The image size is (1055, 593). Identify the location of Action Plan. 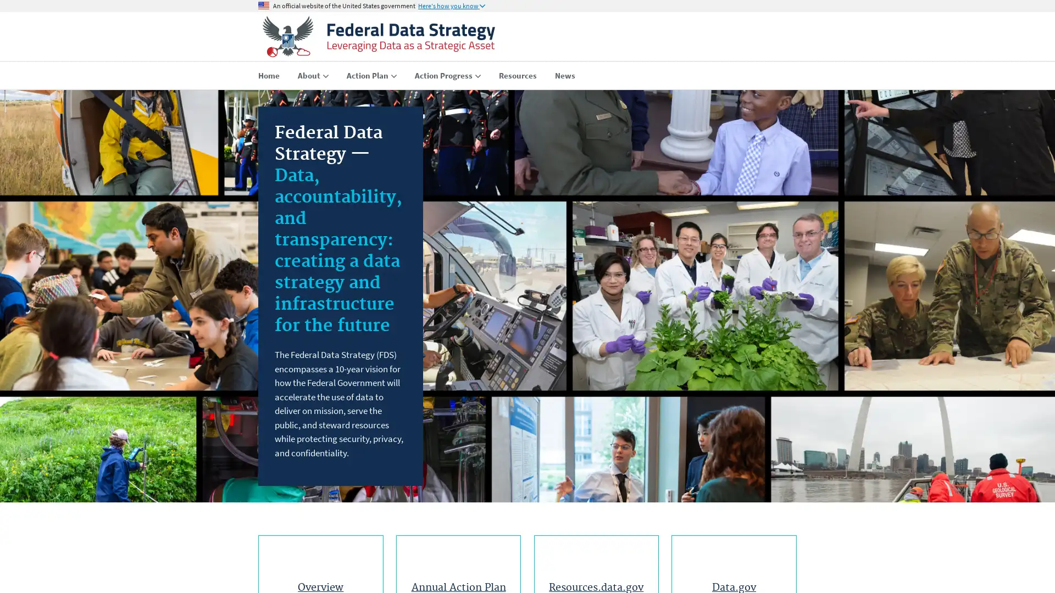
(371, 75).